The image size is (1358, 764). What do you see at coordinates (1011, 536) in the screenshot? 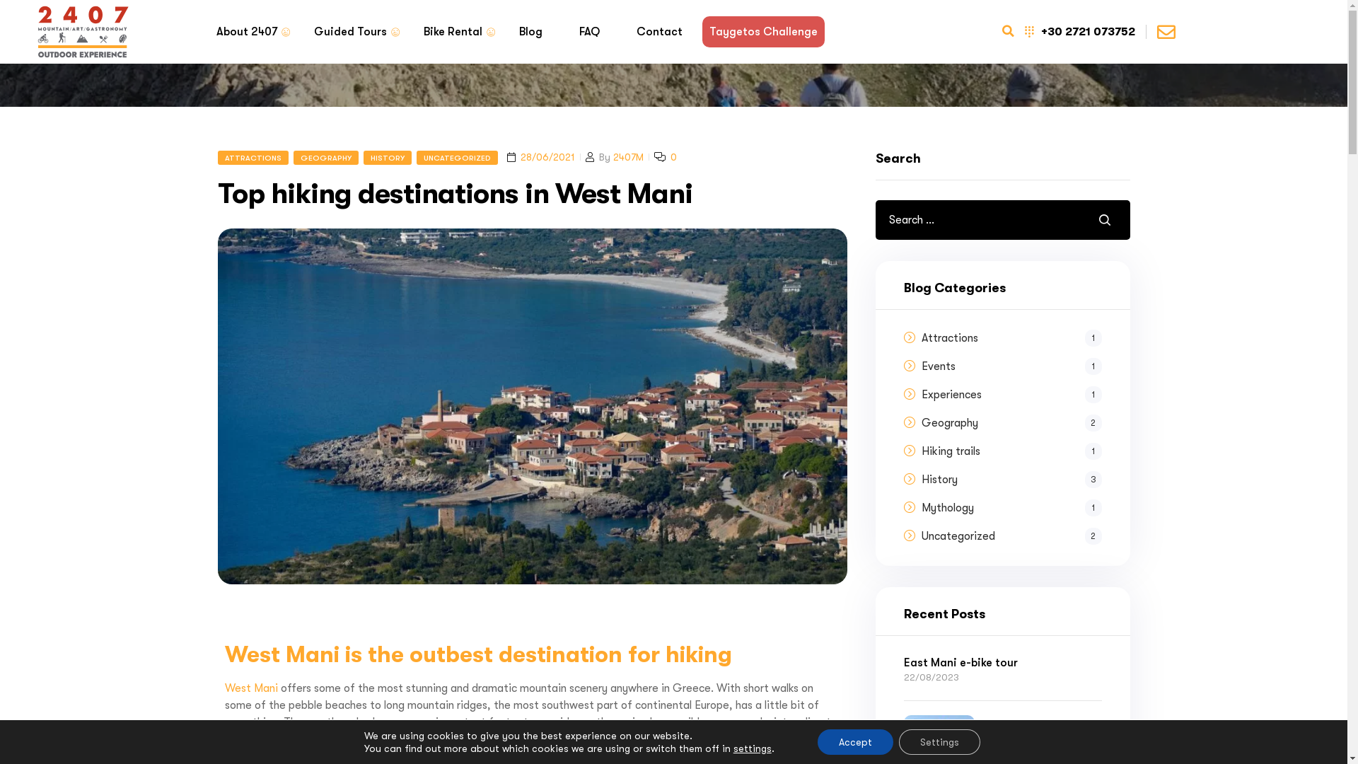
I see `'Uncategorized` at bounding box center [1011, 536].